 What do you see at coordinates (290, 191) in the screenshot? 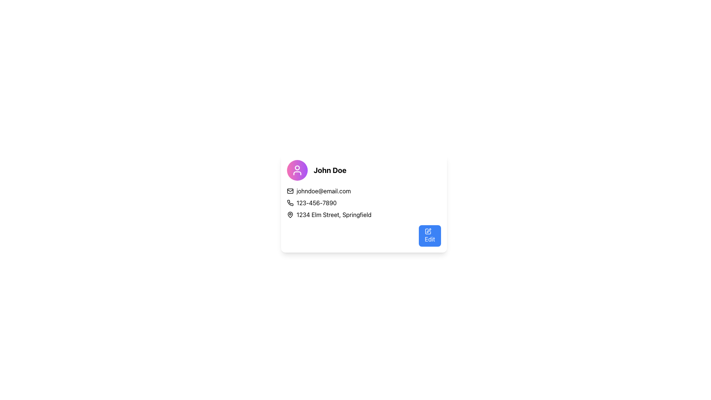
I see `the small email icon styled with an envelope symbol, located to the left of the text 'johndoe@email.com'` at bounding box center [290, 191].